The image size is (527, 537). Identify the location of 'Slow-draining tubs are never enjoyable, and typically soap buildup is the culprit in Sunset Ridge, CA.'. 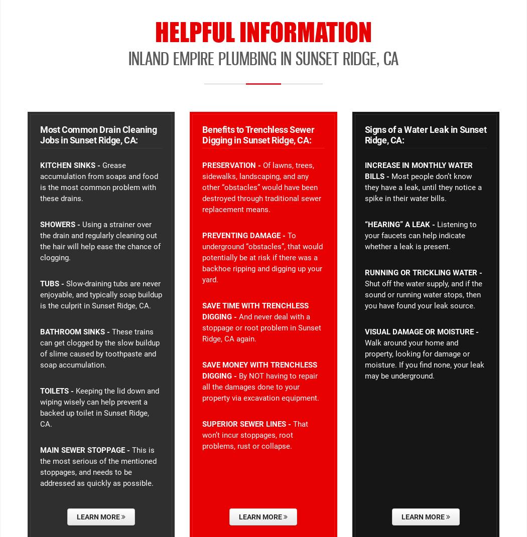
(40, 294).